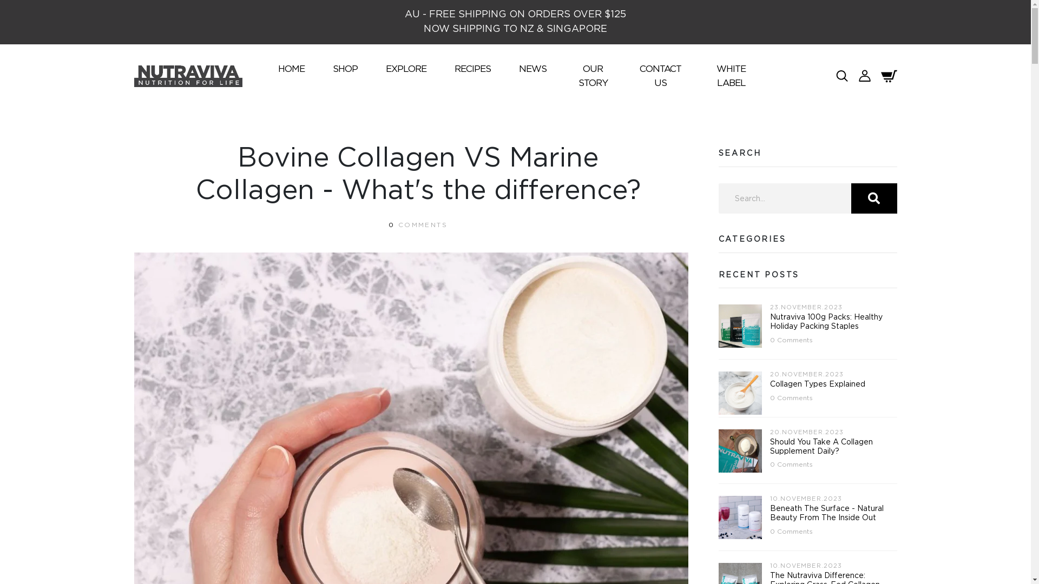  I want to click on 'EXPLORE', so click(405, 69).